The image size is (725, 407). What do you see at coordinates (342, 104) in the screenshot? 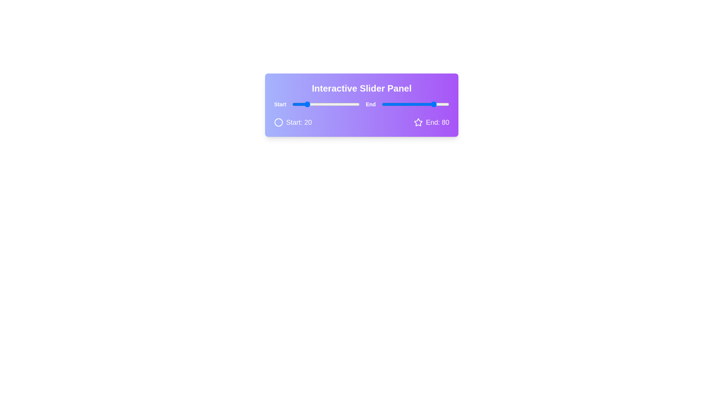
I see `the start slider` at bounding box center [342, 104].